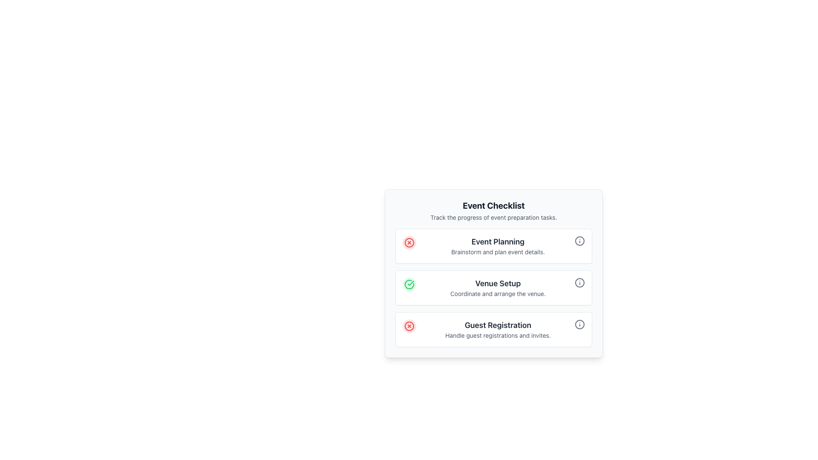 This screenshot has height=460, width=818. What do you see at coordinates (579, 282) in the screenshot?
I see `outer SVG circle that visually signifies the 'Venue Setup' task in the checklist` at bounding box center [579, 282].